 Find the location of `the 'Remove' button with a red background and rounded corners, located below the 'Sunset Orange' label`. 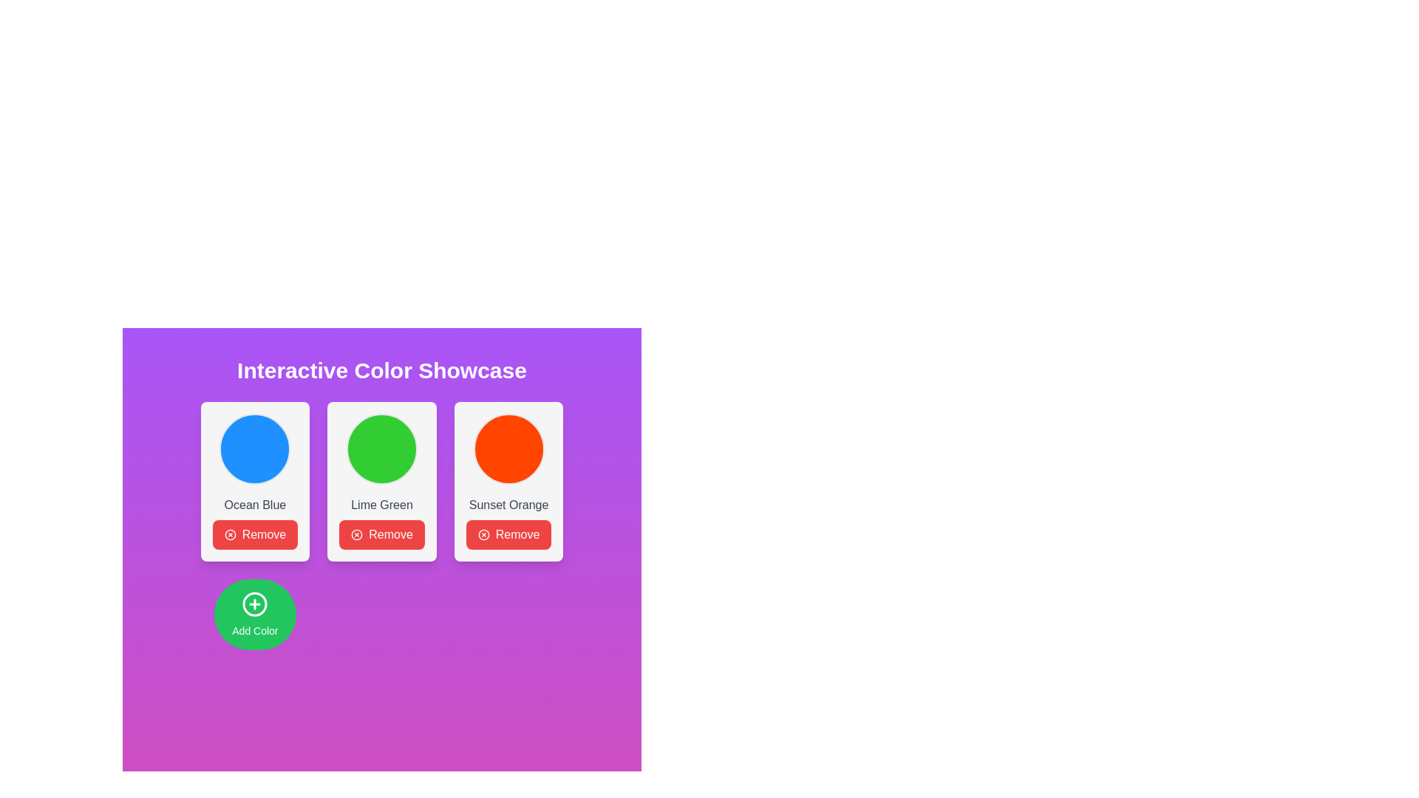

the 'Remove' button with a red background and rounded corners, located below the 'Sunset Orange' label is located at coordinates (508, 535).